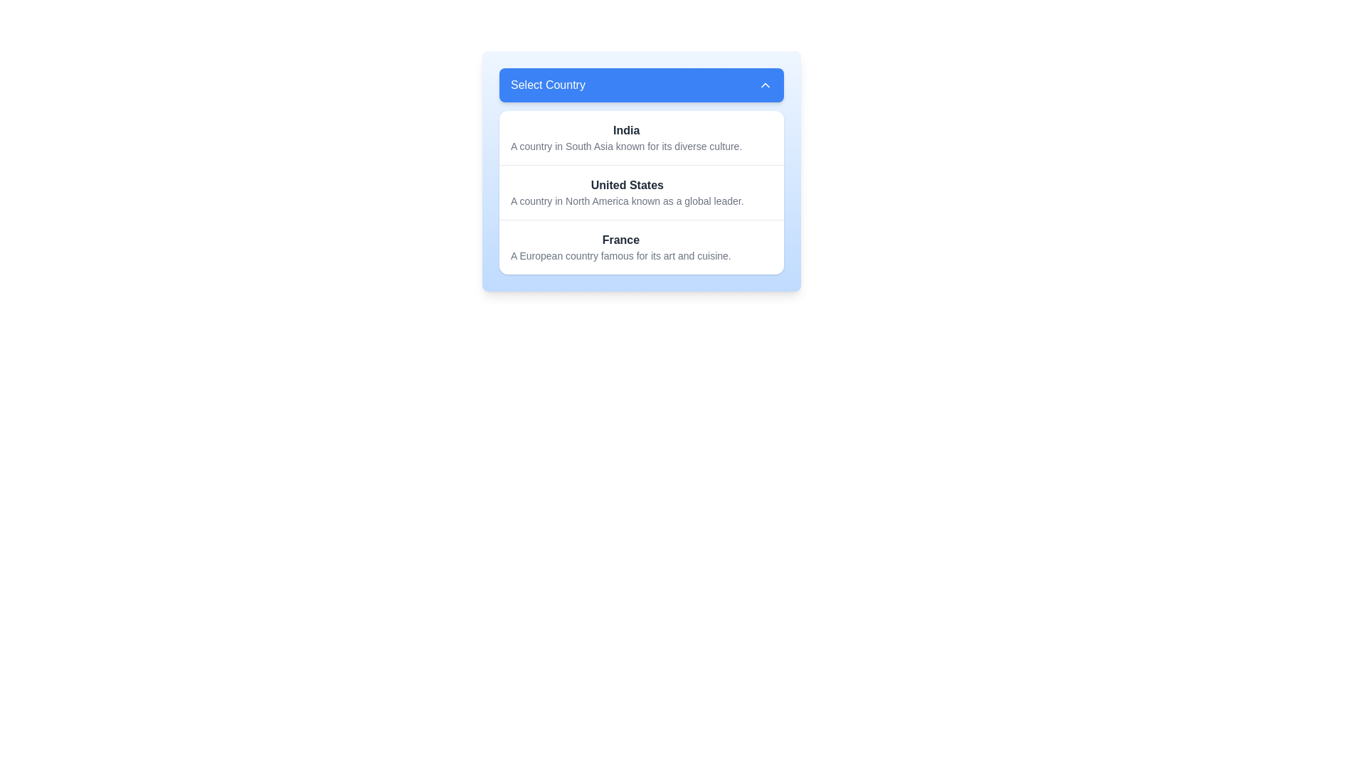 The image size is (1366, 768). Describe the element at coordinates (641, 192) in the screenshot. I see `the list item labeled 'United States'` at that location.